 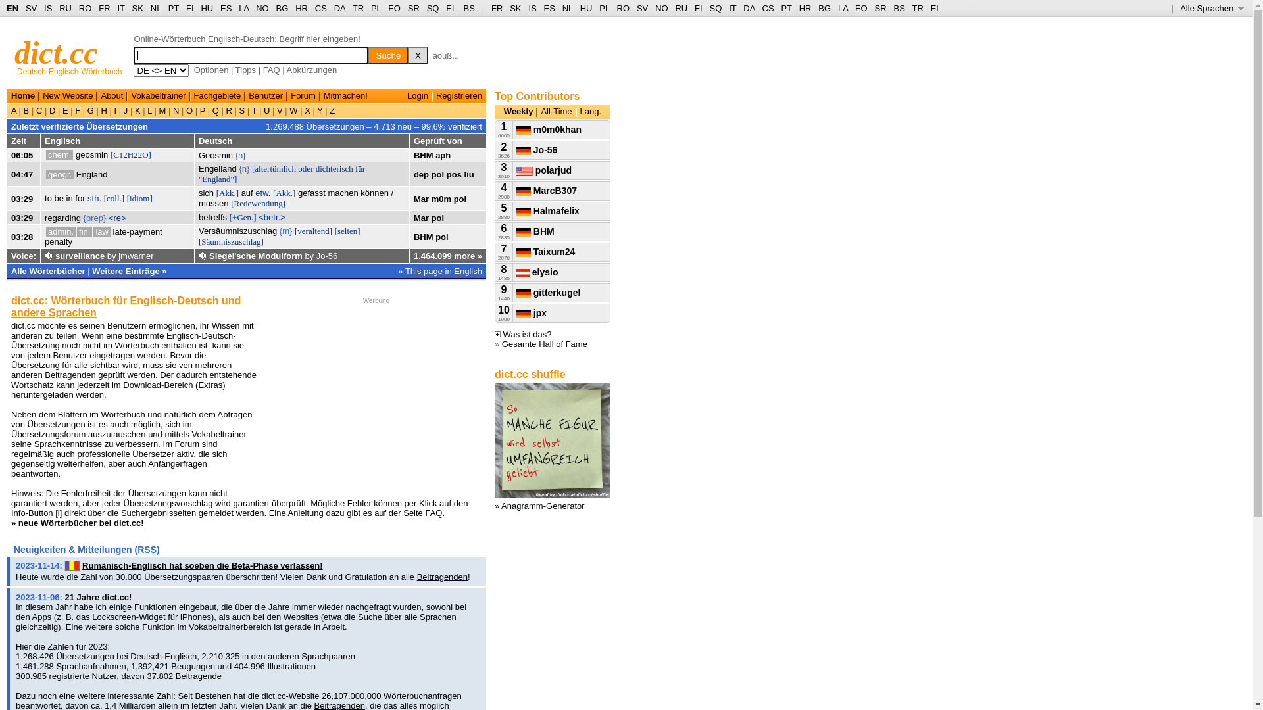 I want to click on 'Fachgebiete', so click(x=218, y=95).